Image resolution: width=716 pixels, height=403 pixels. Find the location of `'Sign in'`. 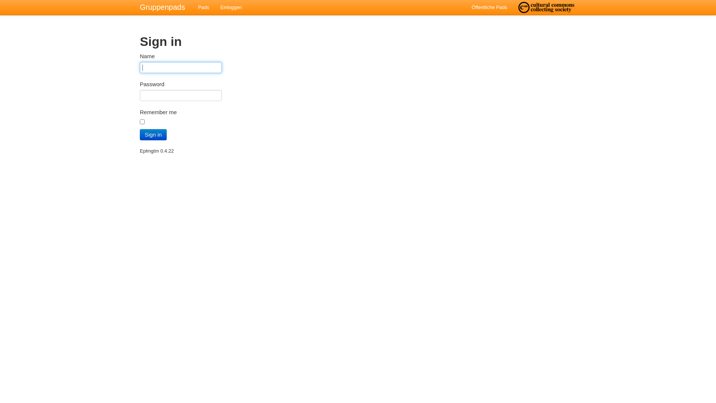

'Sign in' is located at coordinates (153, 135).